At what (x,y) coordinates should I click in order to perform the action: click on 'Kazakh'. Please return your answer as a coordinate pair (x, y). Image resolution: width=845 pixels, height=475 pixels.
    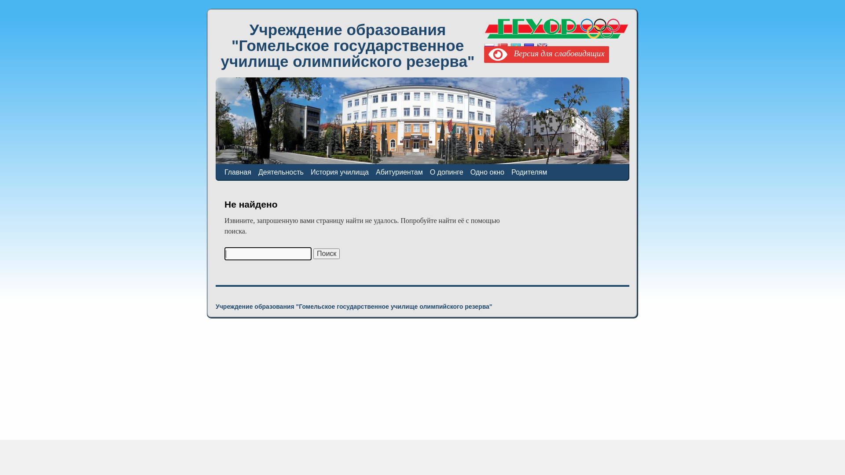
    Looking at the image, I should click on (511, 47).